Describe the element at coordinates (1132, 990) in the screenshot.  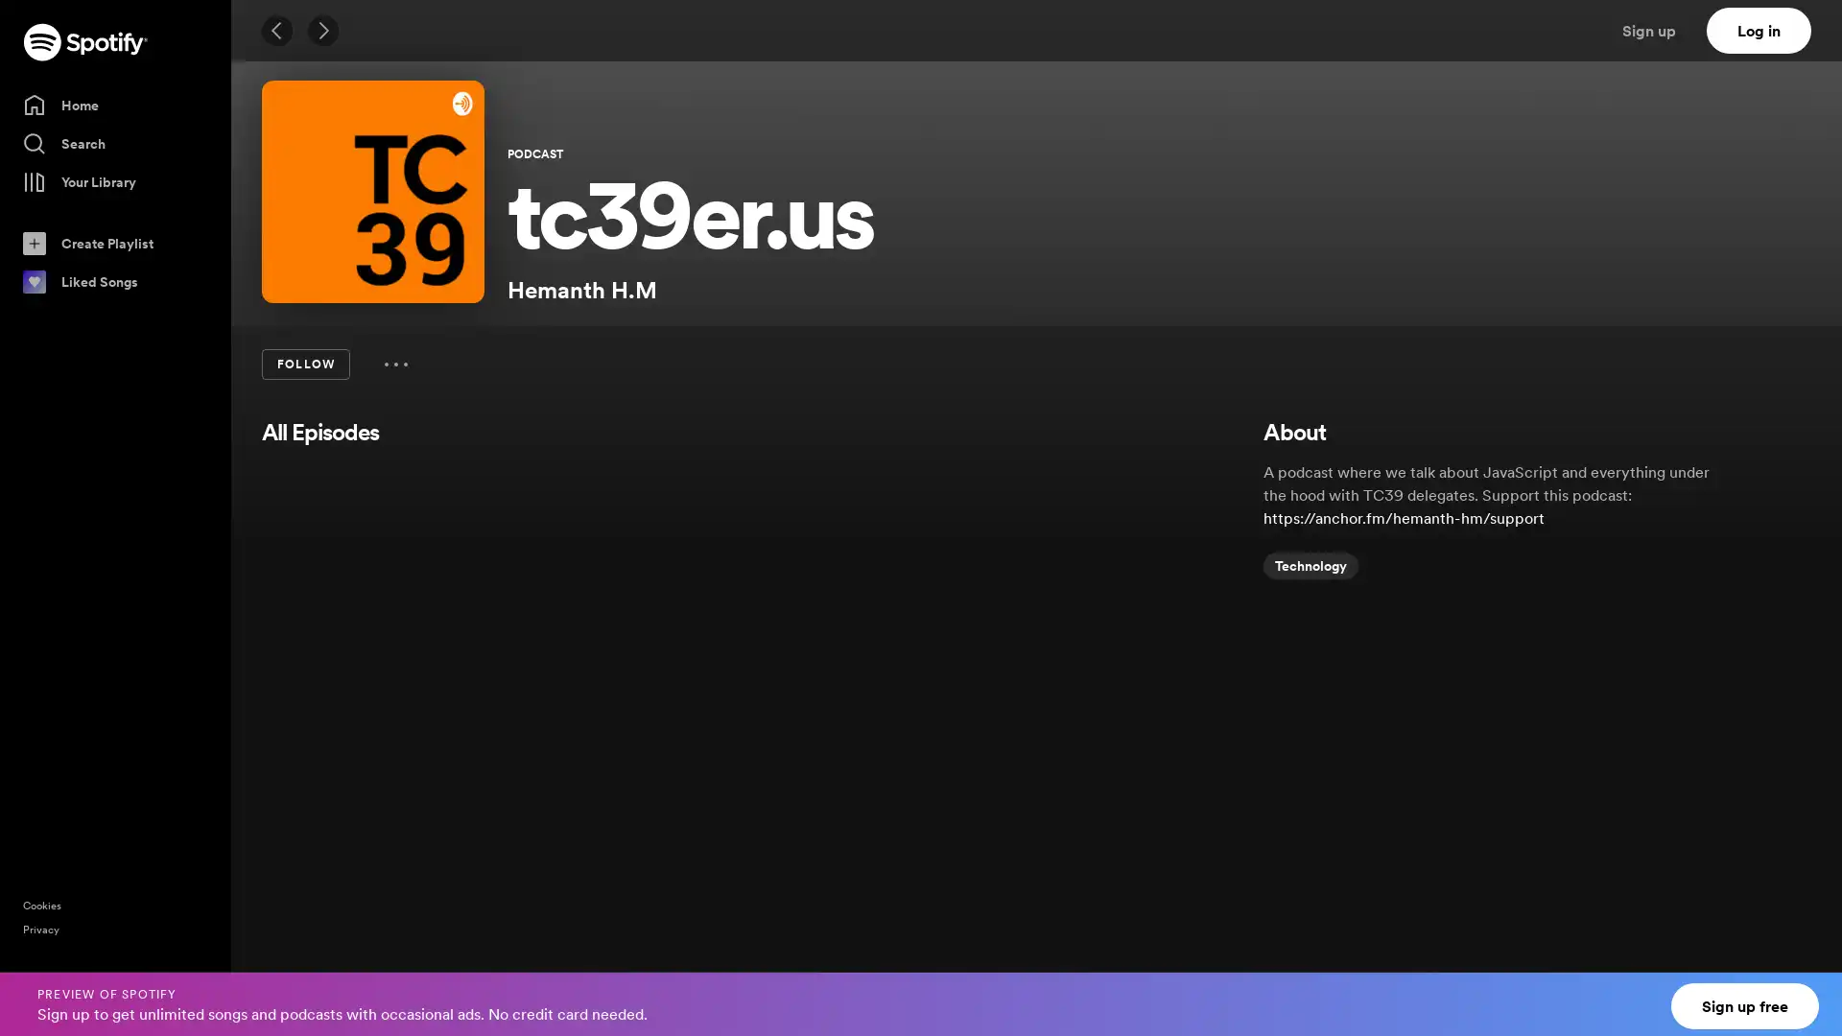
I see `Share` at that location.